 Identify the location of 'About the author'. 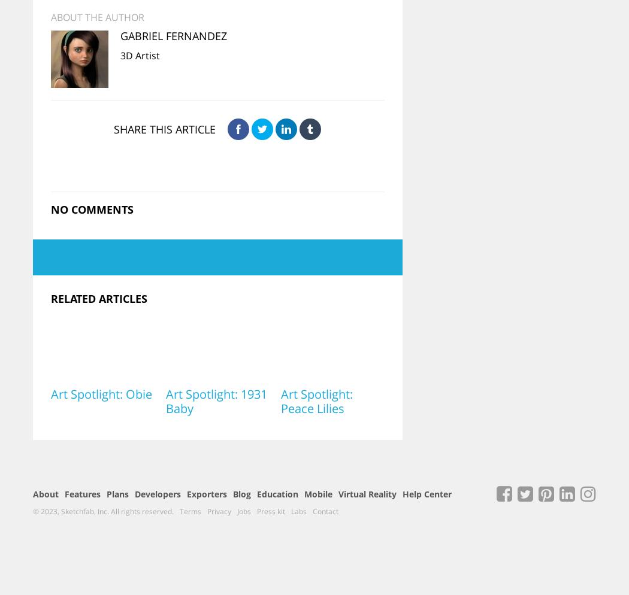
(97, 17).